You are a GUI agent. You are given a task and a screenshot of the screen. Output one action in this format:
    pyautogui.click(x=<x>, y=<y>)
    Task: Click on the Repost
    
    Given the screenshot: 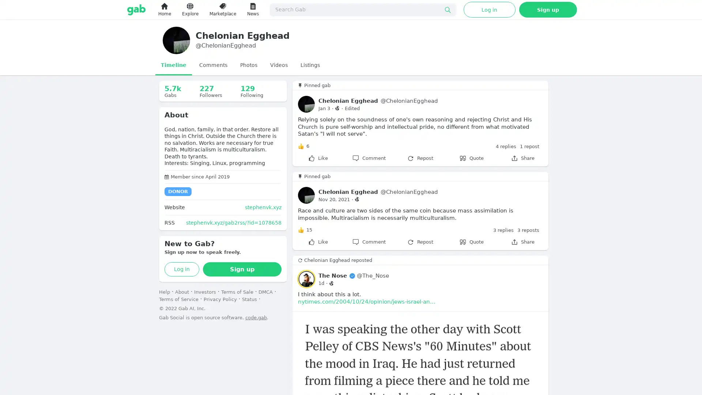 What is the action you would take?
    pyautogui.click(x=420, y=242)
    